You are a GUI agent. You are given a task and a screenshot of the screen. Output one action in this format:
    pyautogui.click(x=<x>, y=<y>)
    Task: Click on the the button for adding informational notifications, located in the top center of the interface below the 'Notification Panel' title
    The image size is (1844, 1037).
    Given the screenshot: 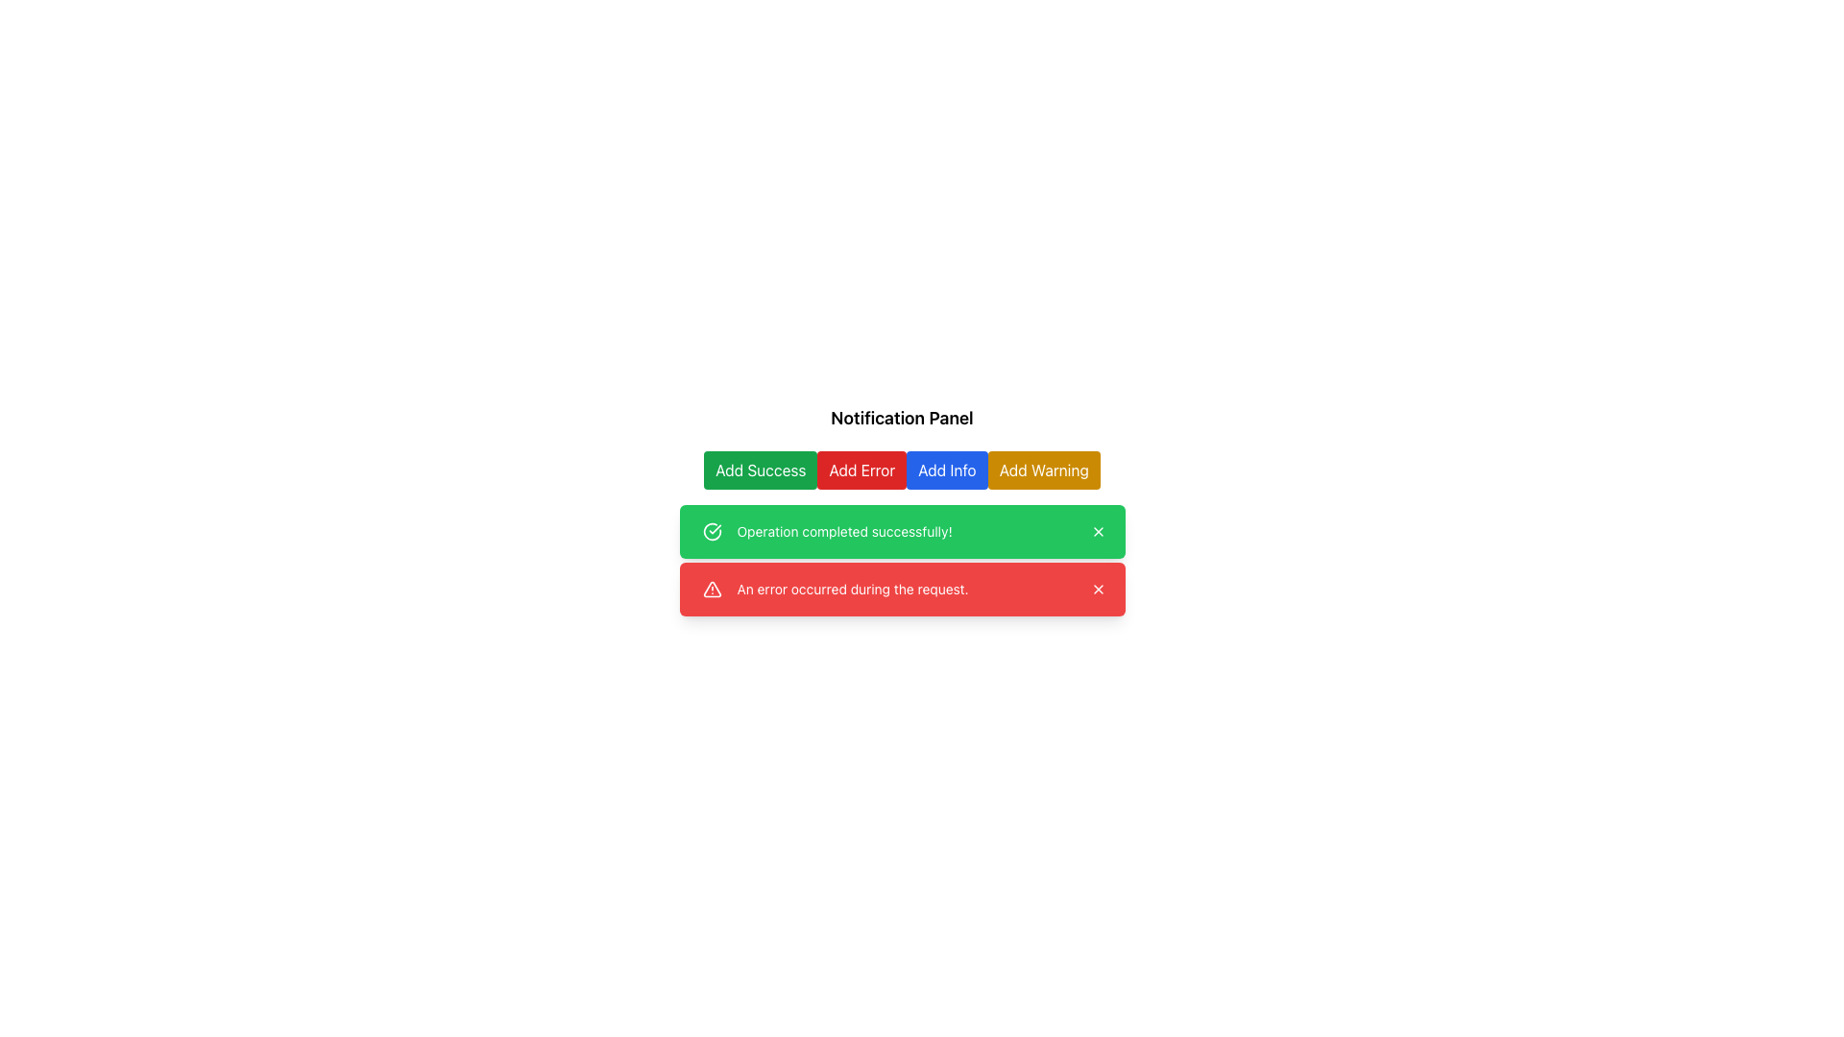 What is the action you would take?
    pyautogui.click(x=947, y=470)
    